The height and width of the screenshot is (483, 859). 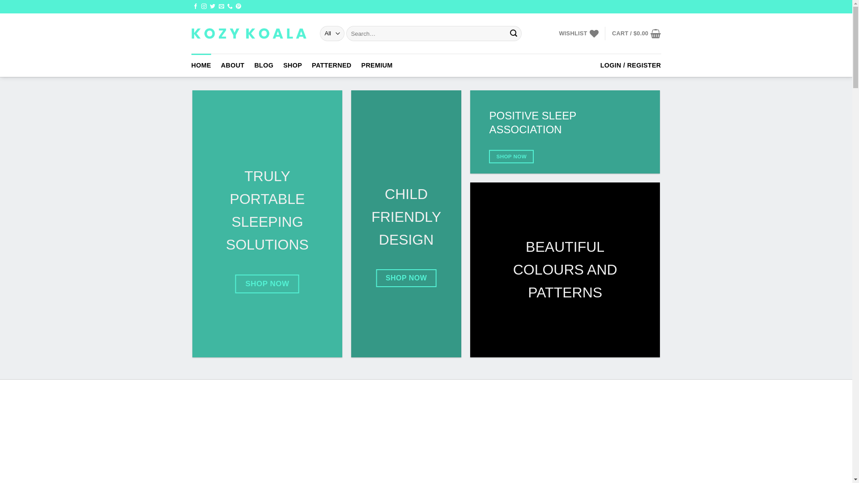 What do you see at coordinates (238, 7) in the screenshot?
I see `'Follow on Pinterest'` at bounding box center [238, 7].